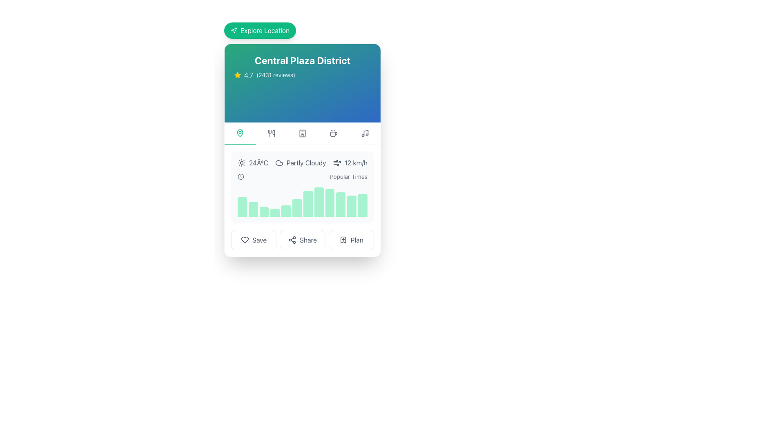  Describe the element at coordinates (241, 176) in the screenshot. I see `the clock icon located to the far left of the 'Popular Times' text label, which visually represents the concept of 'time' or 'schedule'` at that location.